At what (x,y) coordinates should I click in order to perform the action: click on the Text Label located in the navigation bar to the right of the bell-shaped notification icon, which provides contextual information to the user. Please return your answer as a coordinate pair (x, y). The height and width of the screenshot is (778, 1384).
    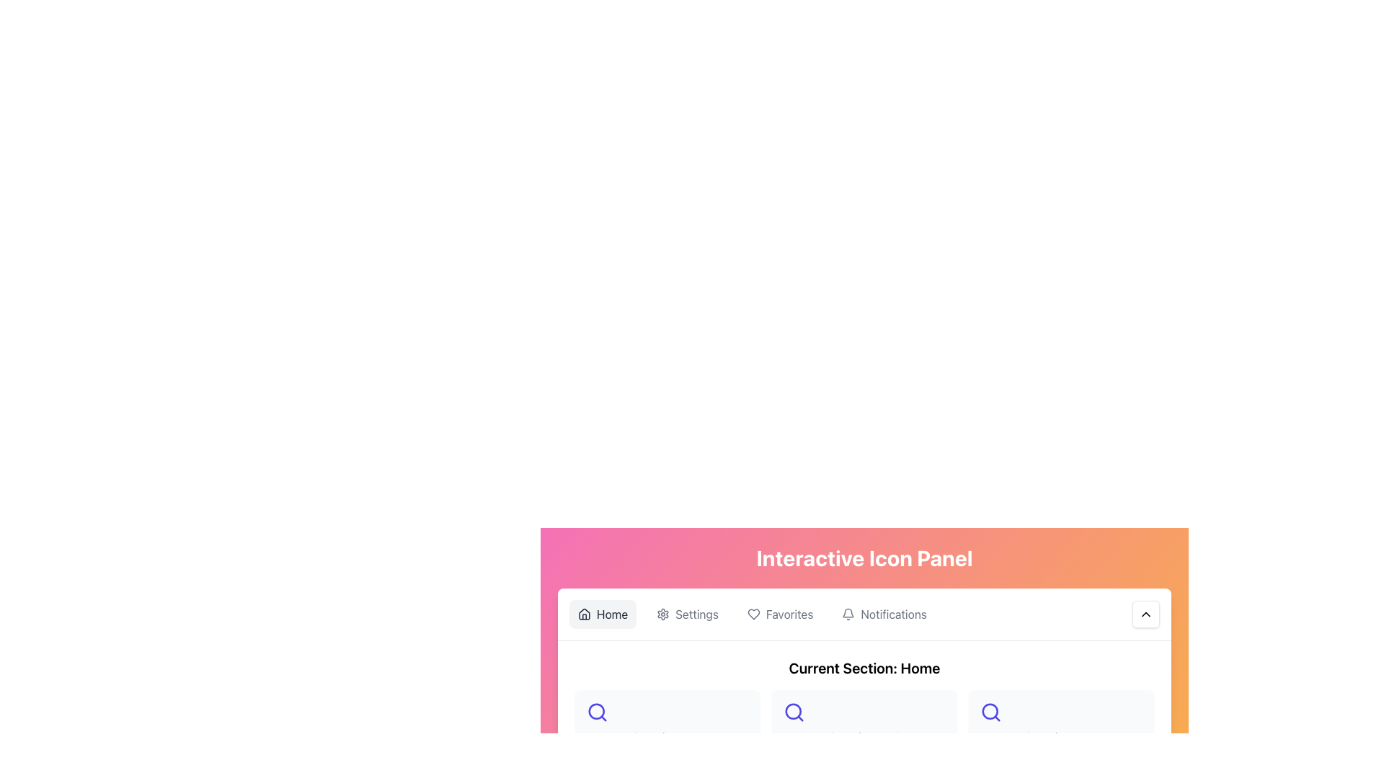
    Looking at the image, I should click on (893, 614).